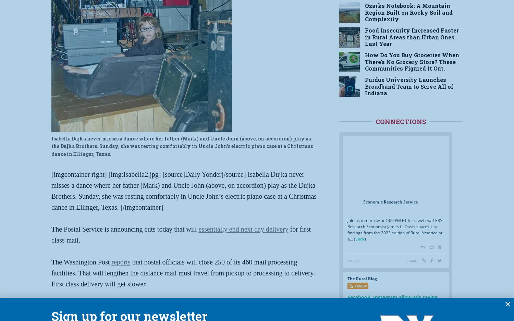 This screenshot has height=321, width=514. What do you see at coordinates (124, 228) in the screenshot?
I see `'The Postal Service is announcing cuts today that will'` at bounding box center [124, 228].